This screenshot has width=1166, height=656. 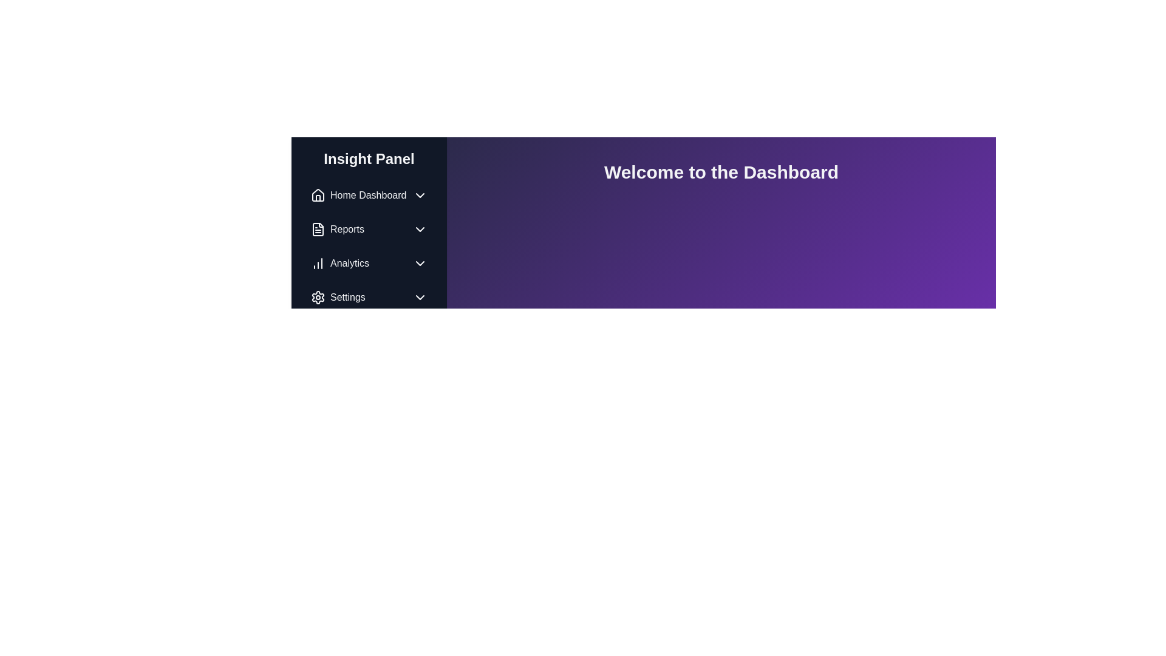 I want to click on the gear icon representing settings located in the sidebar, so click(x=318, y=297).